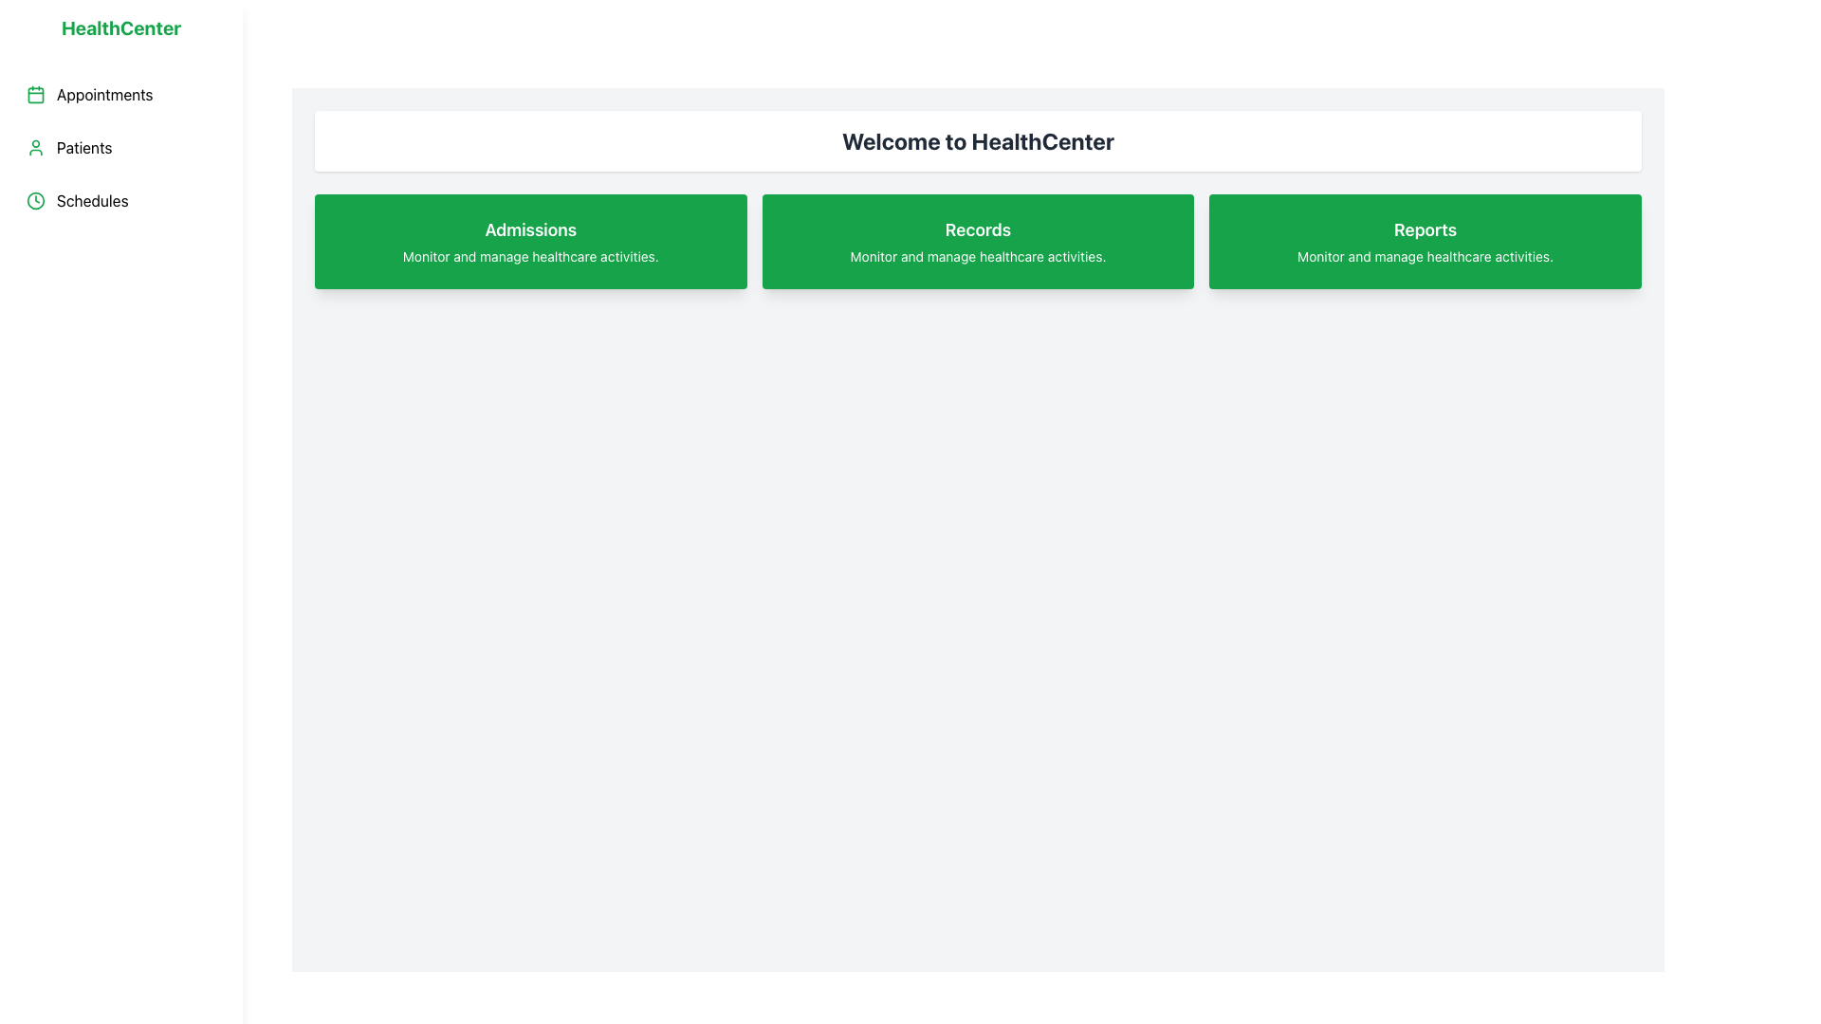 The height and width of the screenshot is (1024, 1821). What do you see at coordinates (36, 201) in the screenshot?
I see `the 'Schedules' icon located on the left sidebar, which serves as an identifying icon for the 'Schedules' menu item` at bounding box center [36, 201].